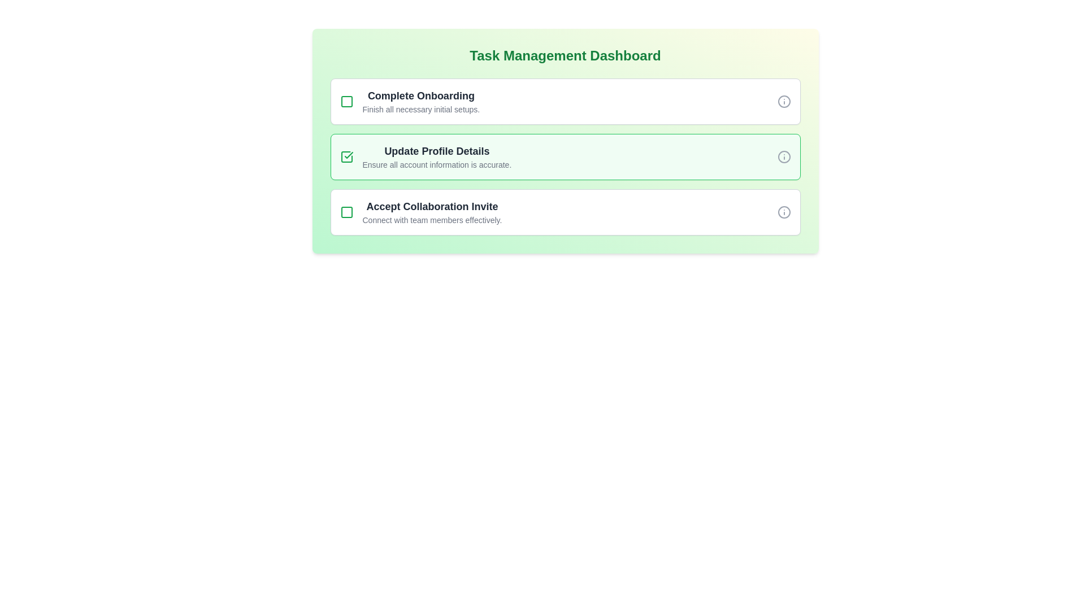 The width and height of the screenshot is (1085, 610). What do you see at coordinates (783, 212) in the screenshot?
I see `the information indicator icon located at the far right end of the 'Accept Collaboration Invite' card, vertically centered with the title text` at bounding box center [783, 212].